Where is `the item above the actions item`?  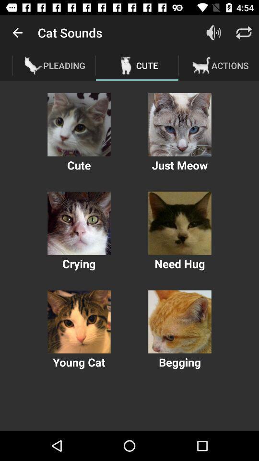
the item above the actions item is located at coordinates (244, 33).